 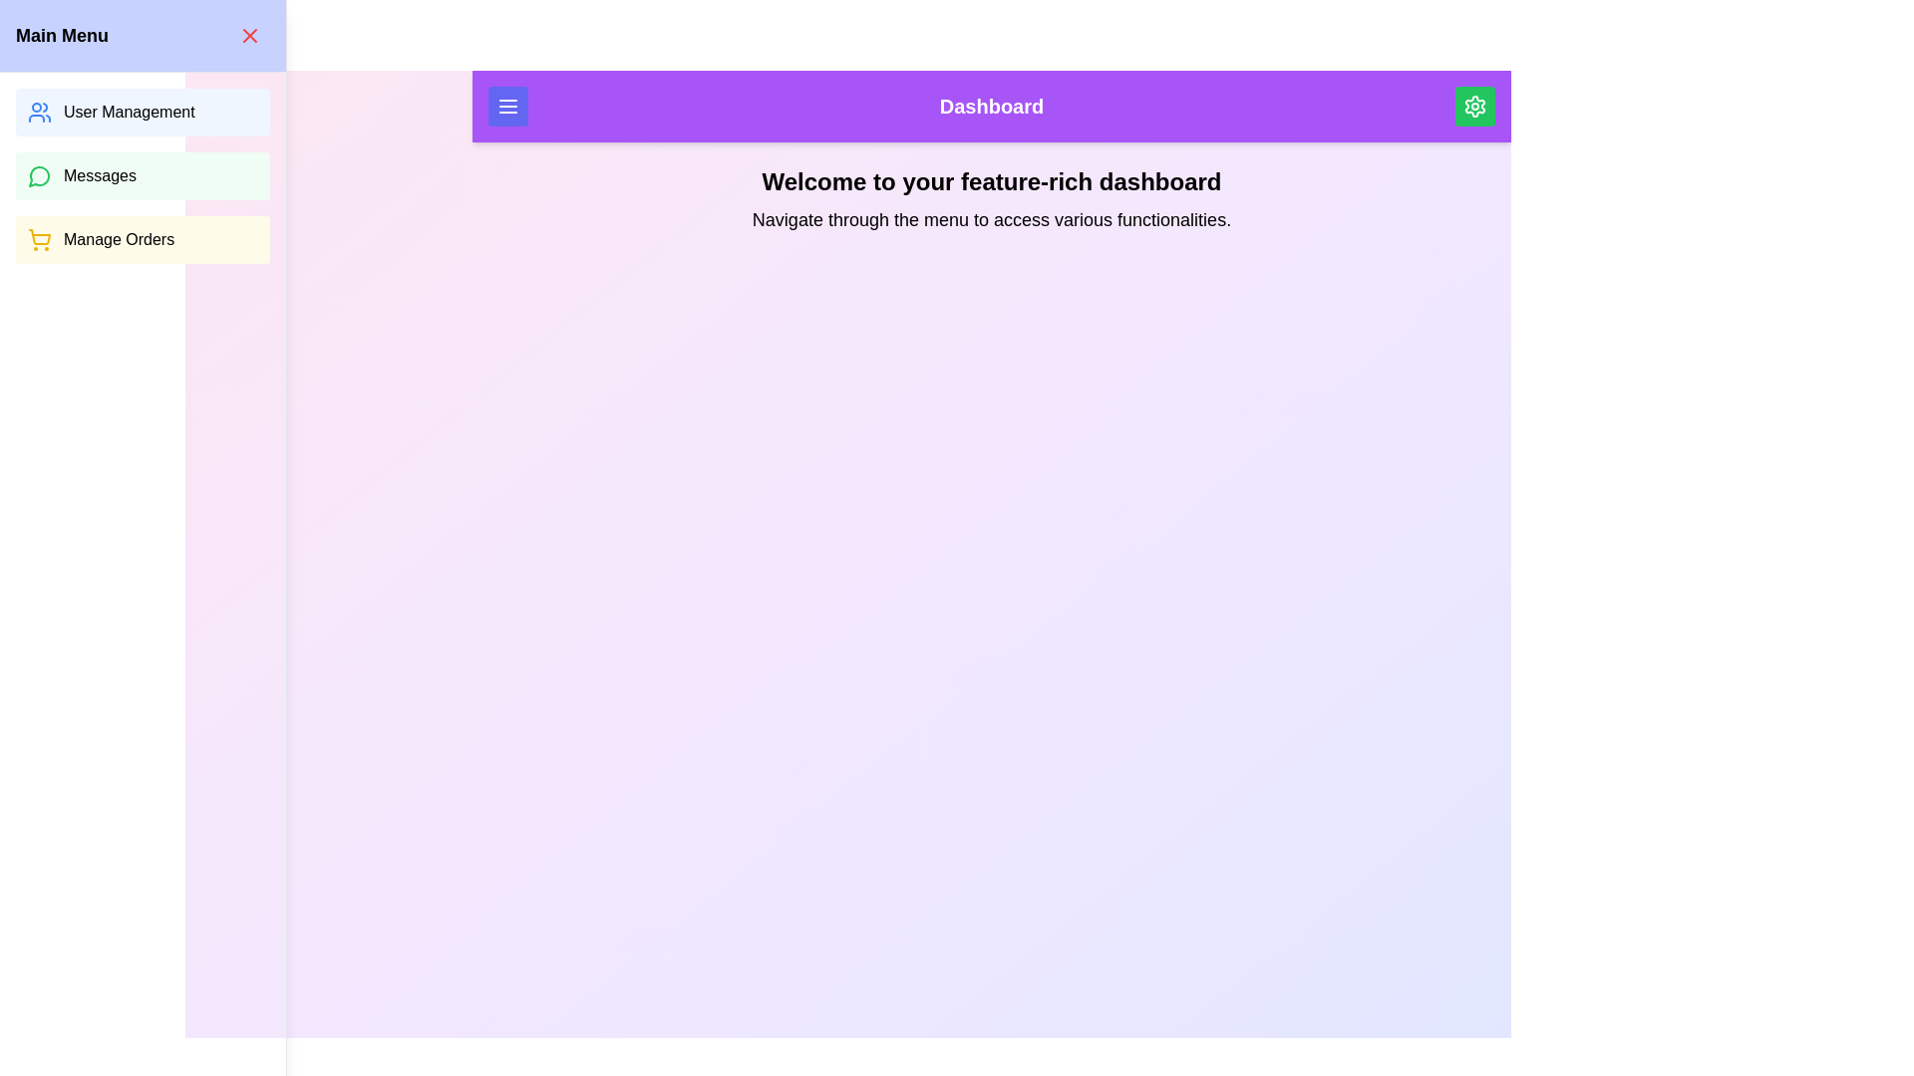 What do you see at coordinates (142, 238) in the screenshot?
I see `the 'Manage Orders' button, which is a rectangular button with black text on a light yellow background, featuring a yellow shopping cart icon to the left. This button is the third in a vertical list in the side menu bar, located below the 'Messages' button` at bounding box center [142, 238].